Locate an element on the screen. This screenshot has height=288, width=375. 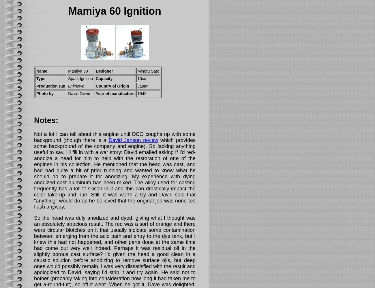
'Designer' is located at coordinates (104, 71).